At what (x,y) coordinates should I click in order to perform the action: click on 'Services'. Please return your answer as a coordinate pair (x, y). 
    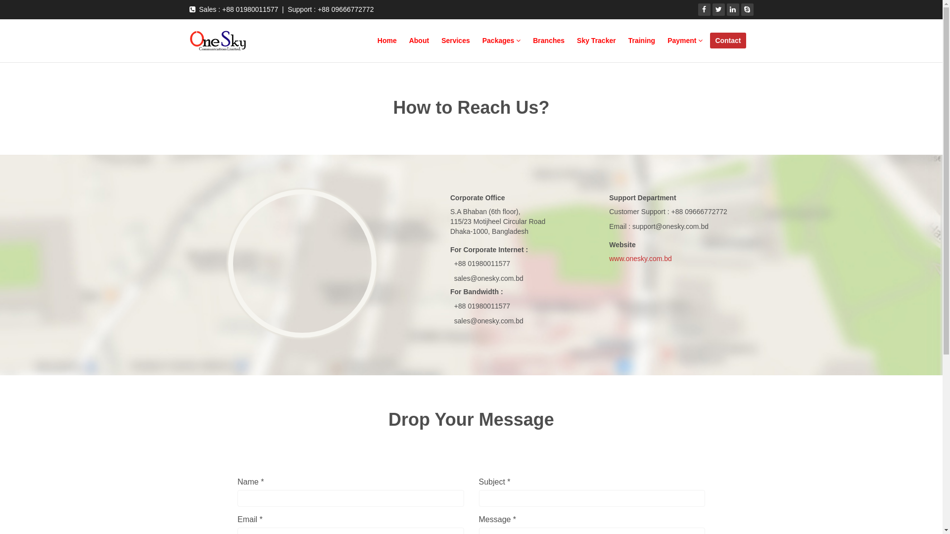
    Looking at the image, I should click on (436, 40).